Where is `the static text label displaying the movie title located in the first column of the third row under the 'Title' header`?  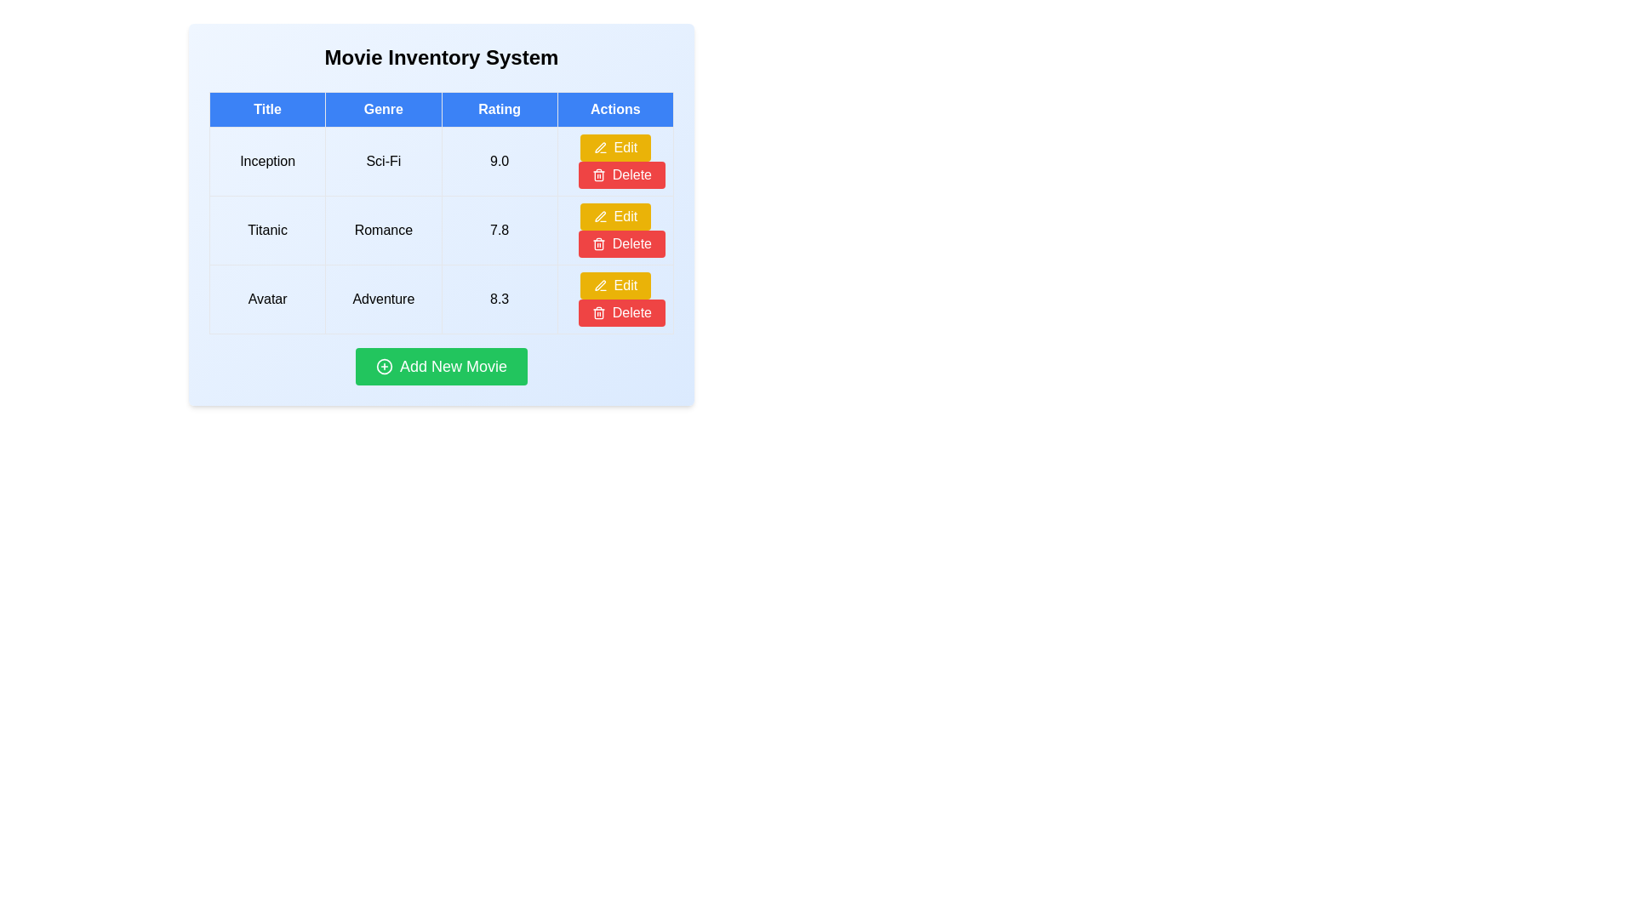
the static text label displaying the movie title located in the first column of the third row under the 'Title' header is located at coordinates (266, 298).